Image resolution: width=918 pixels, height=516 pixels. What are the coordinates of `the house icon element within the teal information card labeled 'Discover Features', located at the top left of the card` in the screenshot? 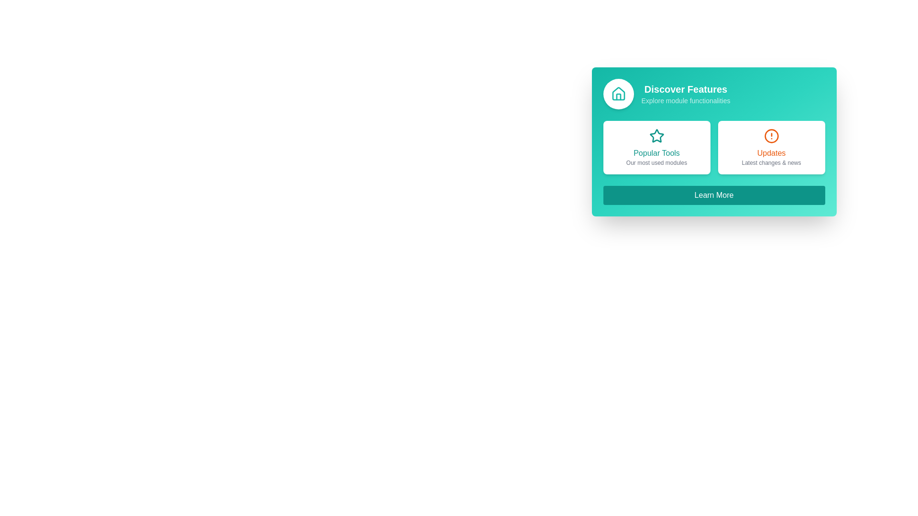 It's located at (618, 97).